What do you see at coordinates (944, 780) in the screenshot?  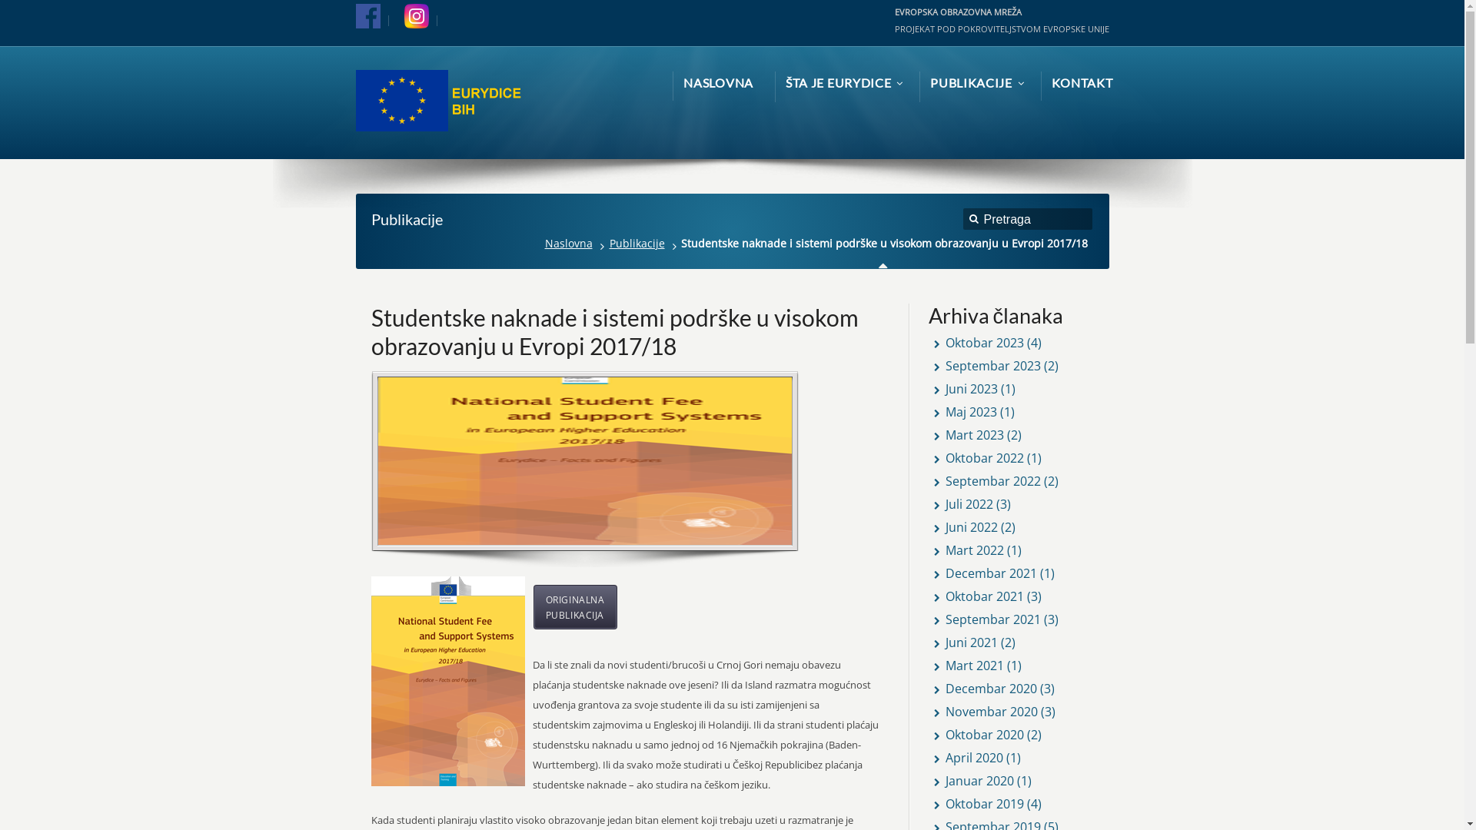 I see `'Januar 2020'` at bounding box center [944, 780].